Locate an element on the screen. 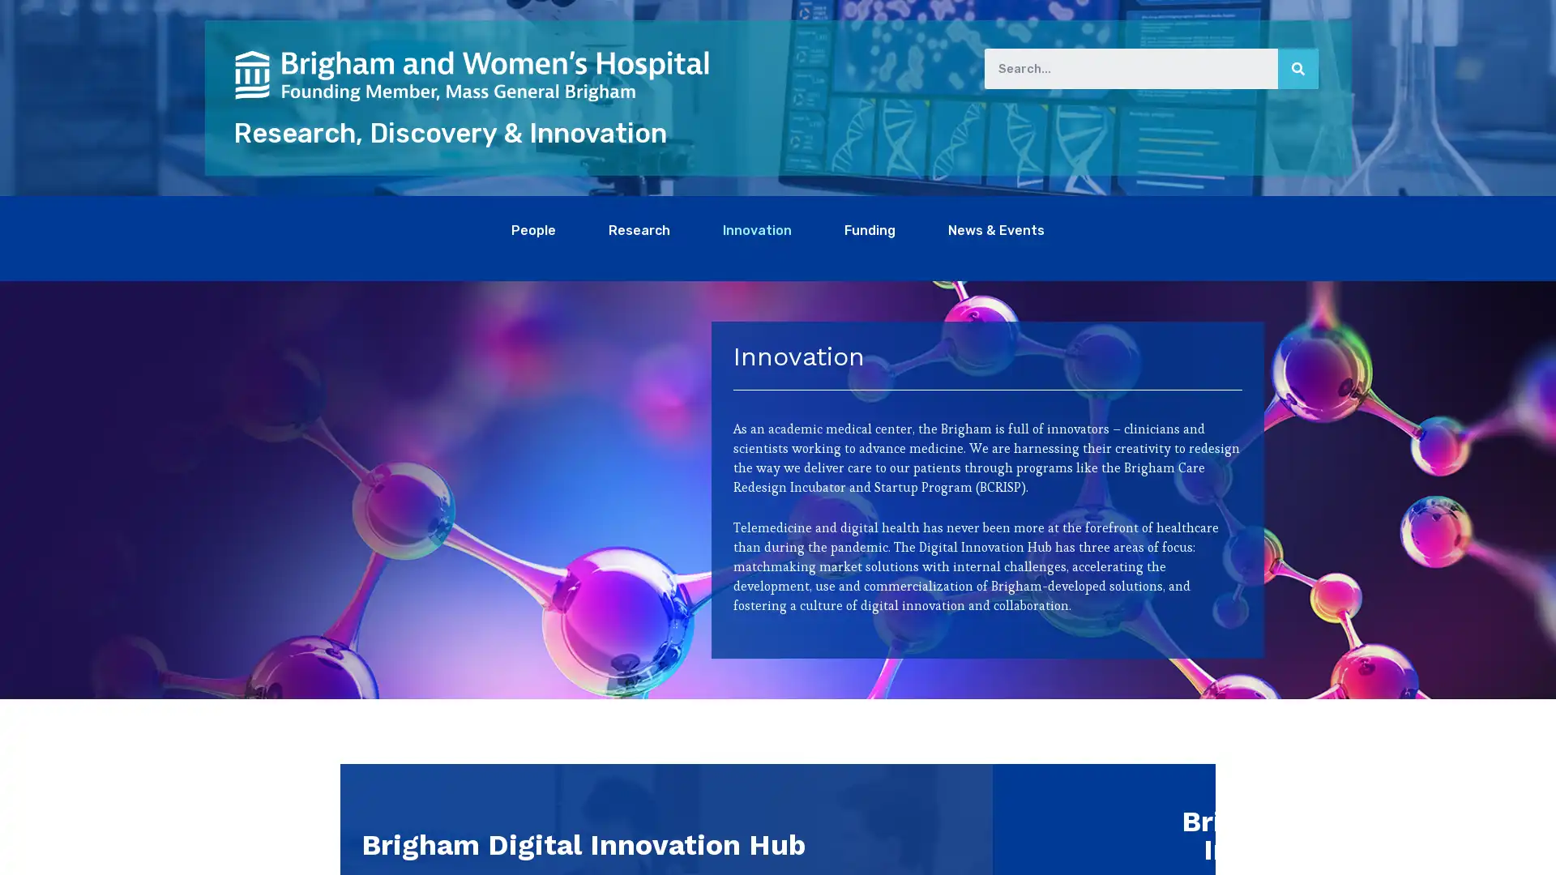  Search is located at coordinates (1297, 67).